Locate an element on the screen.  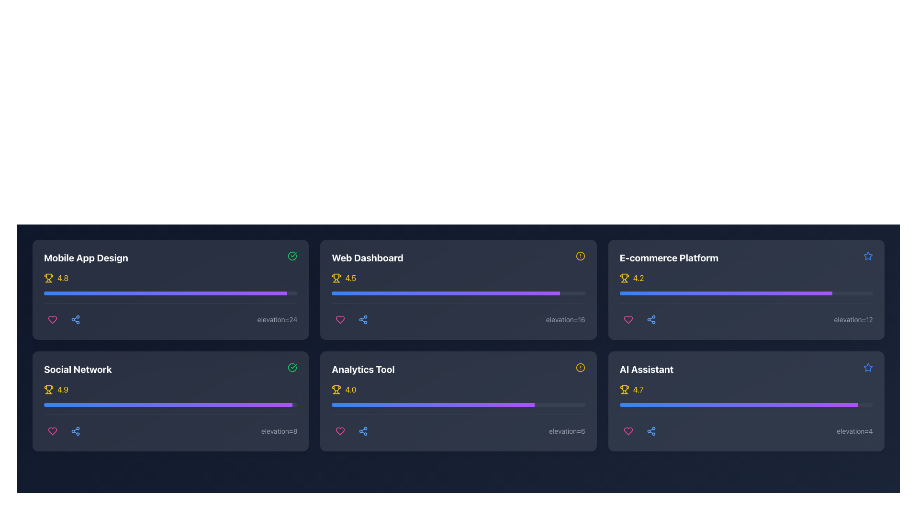
the star icon located at the top-right corner of the 'AI Assistant' card panel is located at coordinates (868, 367).